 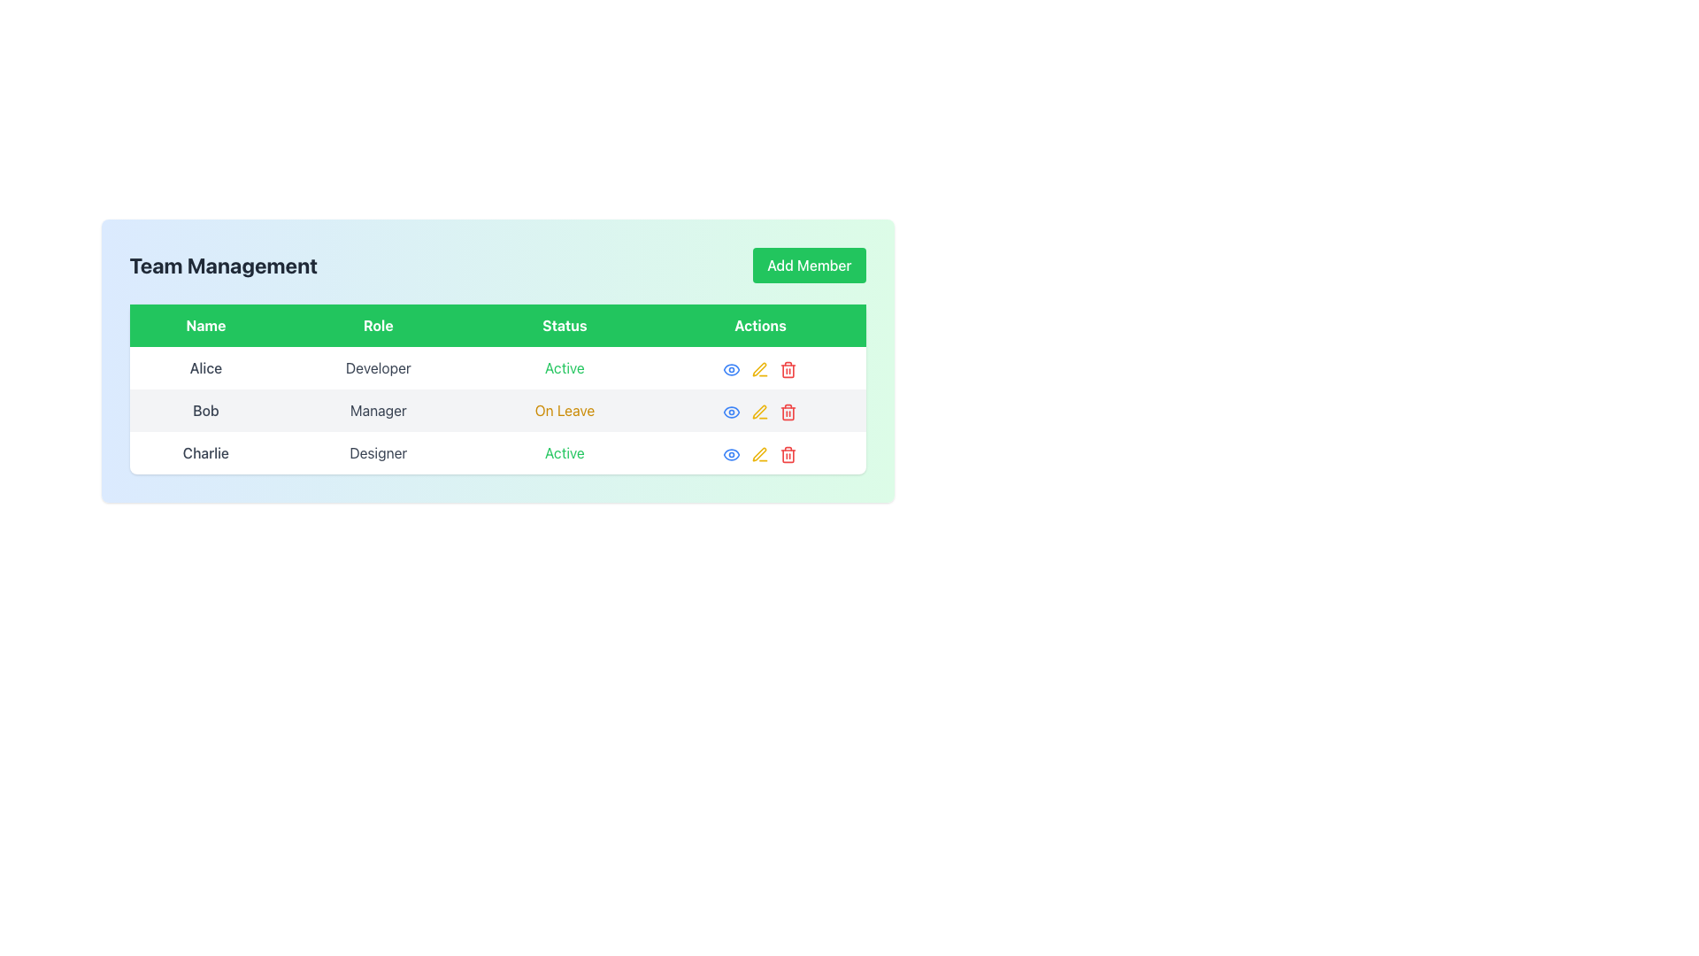 What do you see at coordinates (377, 367) in the screenshot?
I see `the text label displaying 'Developer' in the 'Role' column of the table, which is centered and adjacent to 'Alice' in the 'Name' column and 'Active' in the 'Status' column` at bounding box center [377, 367].